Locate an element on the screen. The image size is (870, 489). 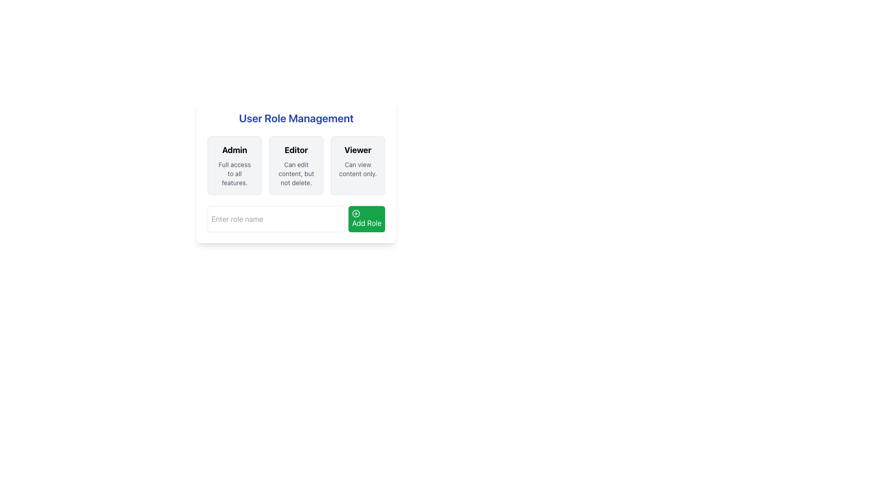
the Circle within the SVG icon that is part of the 'Add Role' button, indicating an action related to adding roles is located at coordinates (356, 213).